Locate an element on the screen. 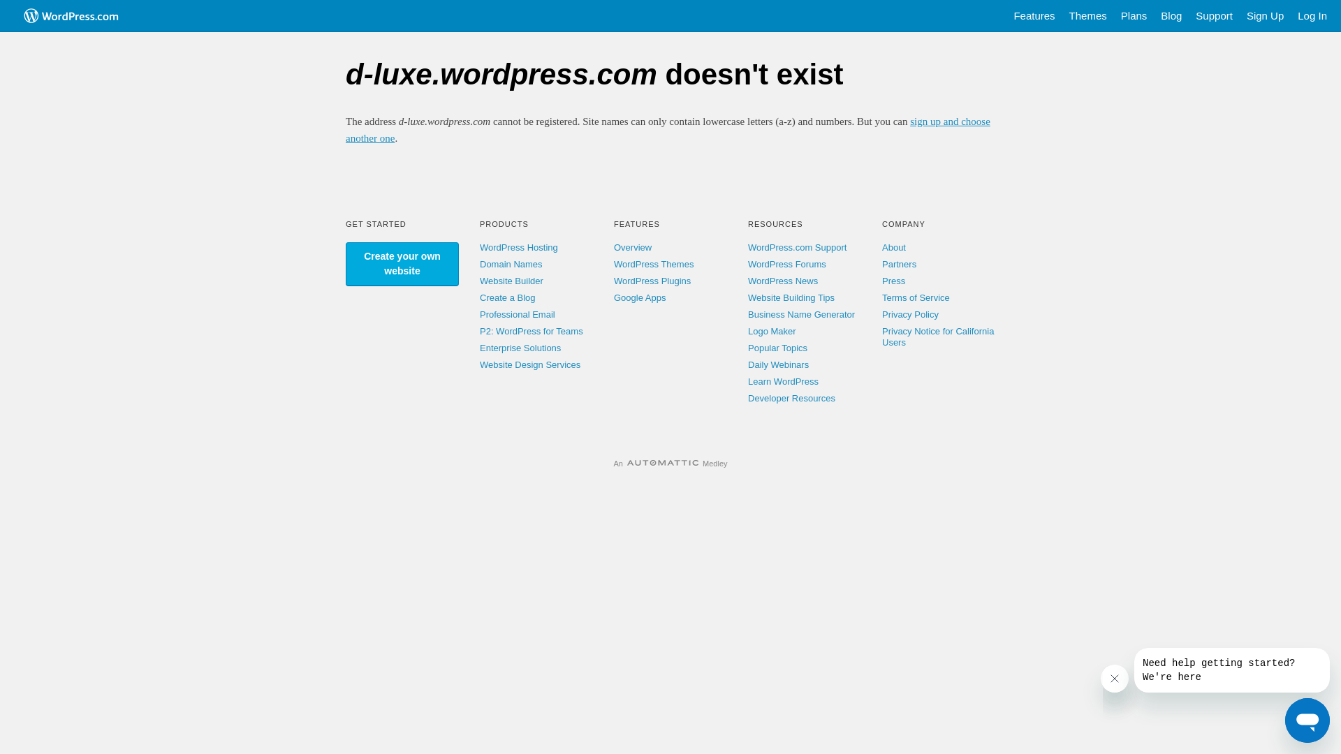 The image size is (1341, 754). 'Support' is located at coordinates (1188, 16).